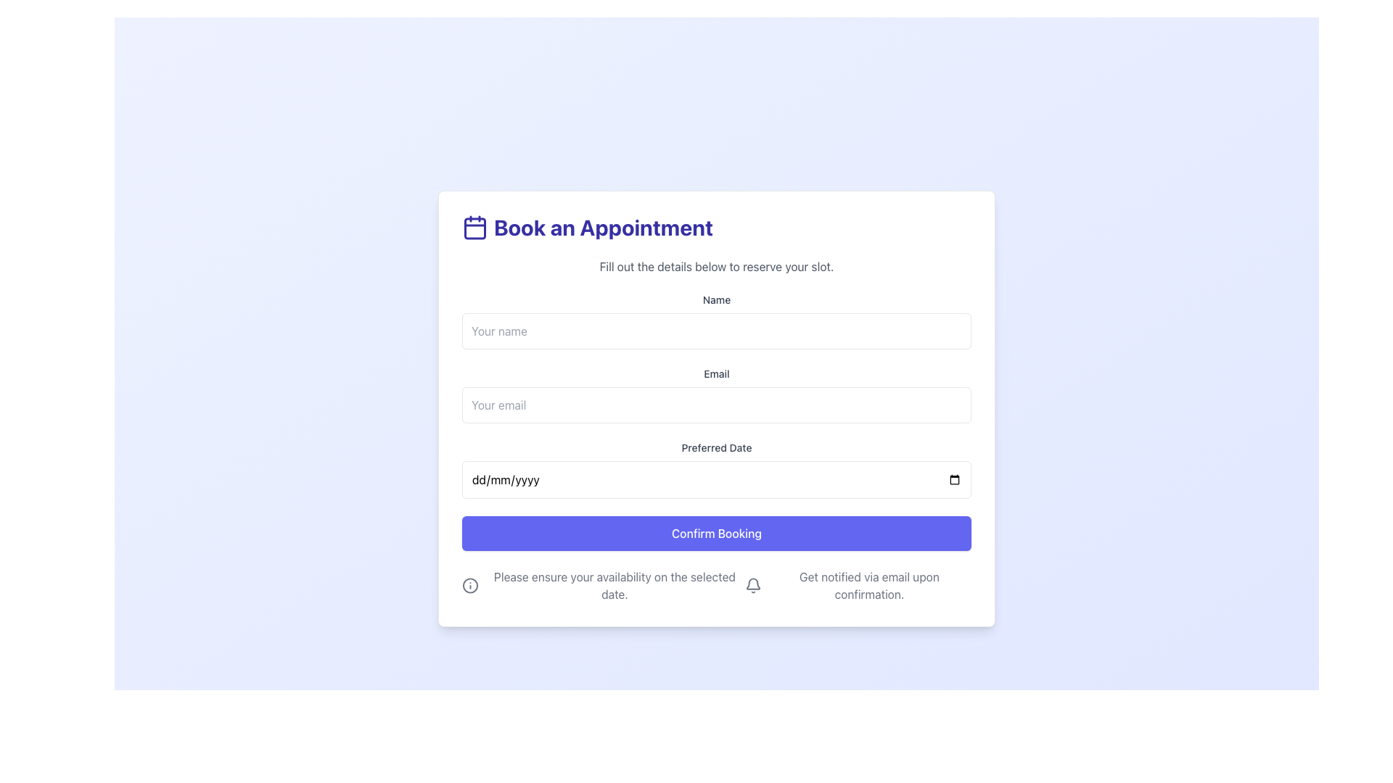 The width and height of the screenshot is (1393, 783). I want to click on the Text Label that provides guidance for booking an appointment, located directly below the heading 'Book an Appointment', so click(717, 266).